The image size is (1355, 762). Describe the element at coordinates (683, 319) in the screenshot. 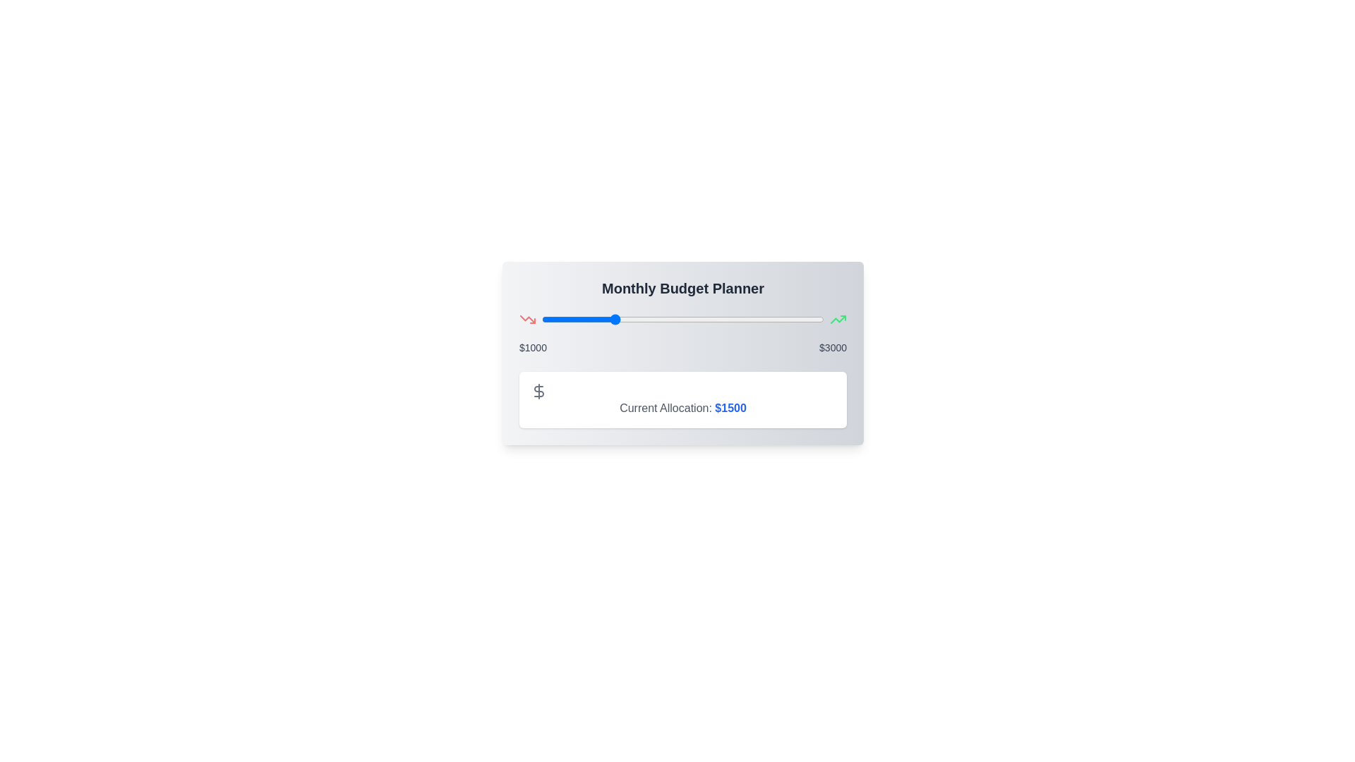

I see `the slider to view its range limits` at that location.